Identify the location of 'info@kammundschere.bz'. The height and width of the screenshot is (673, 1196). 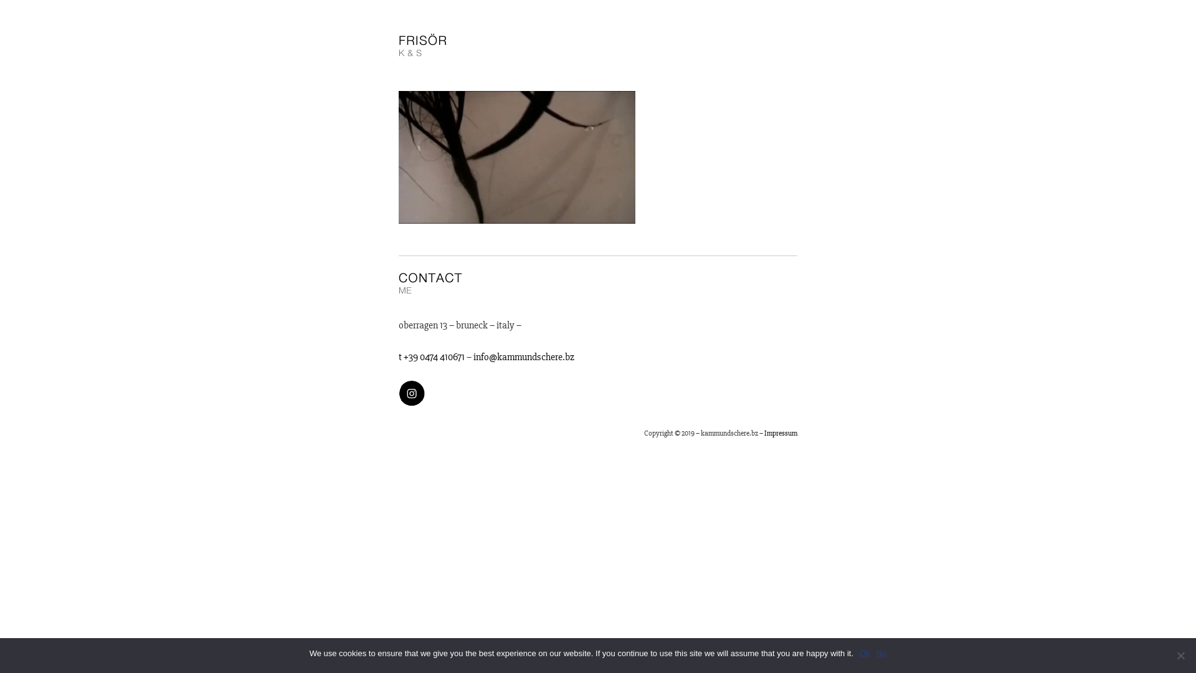
(472, 357).